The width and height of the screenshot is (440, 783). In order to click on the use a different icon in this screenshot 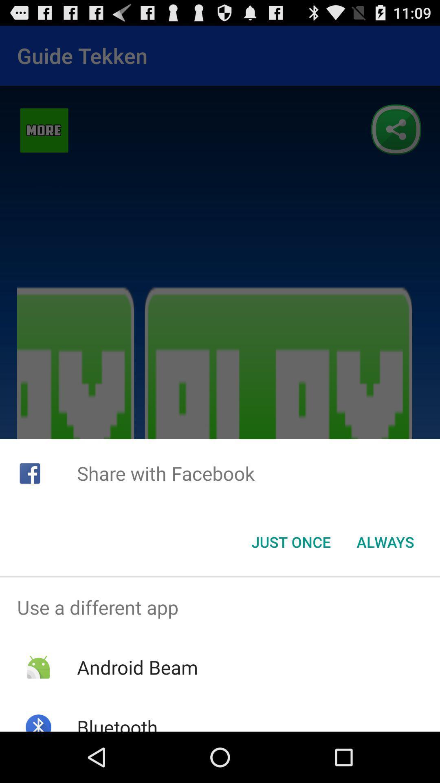, I will do `click(220, 607)`.